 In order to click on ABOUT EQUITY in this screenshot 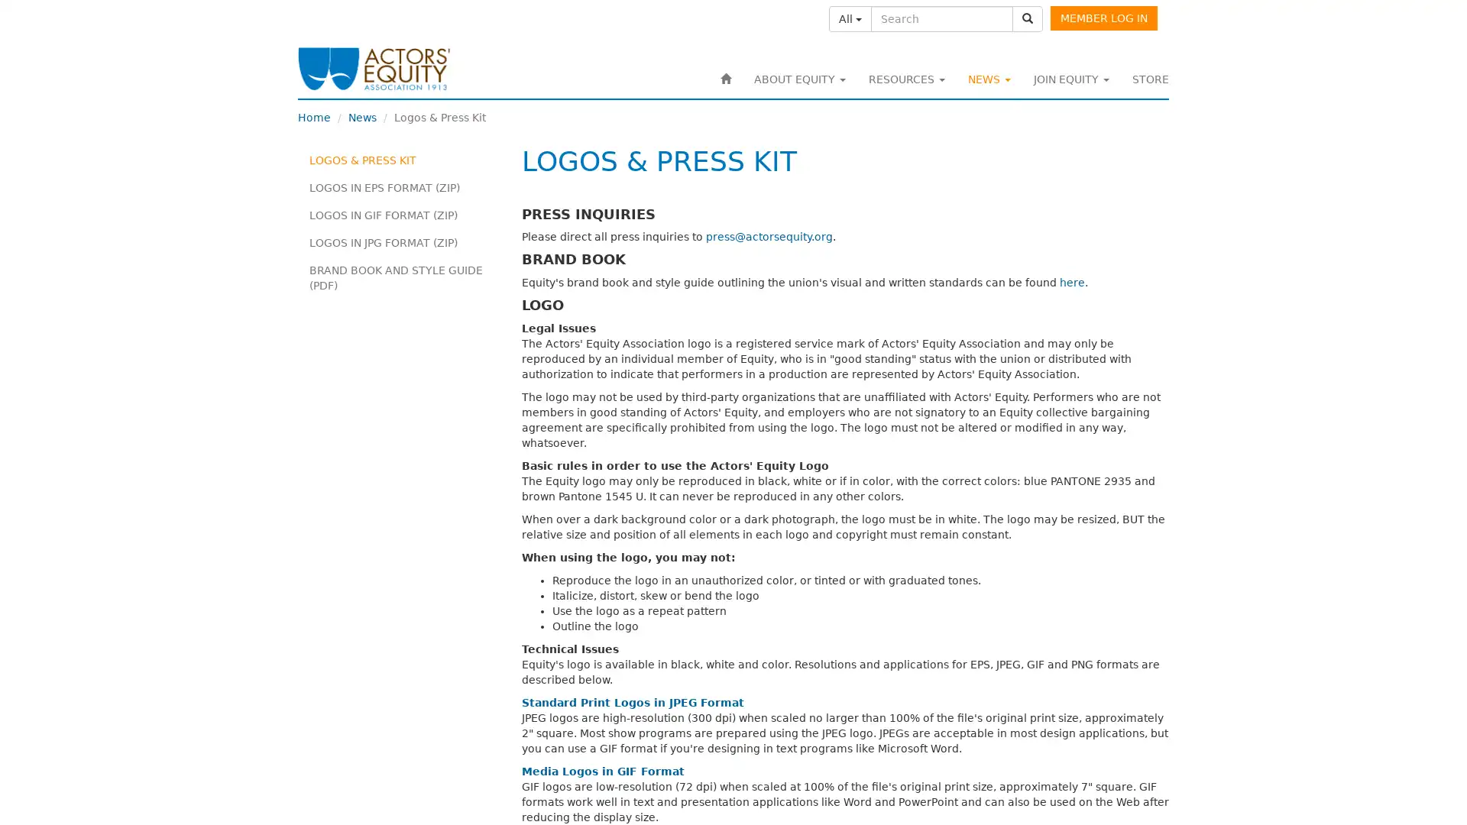, I will do `click(798, 79)`.